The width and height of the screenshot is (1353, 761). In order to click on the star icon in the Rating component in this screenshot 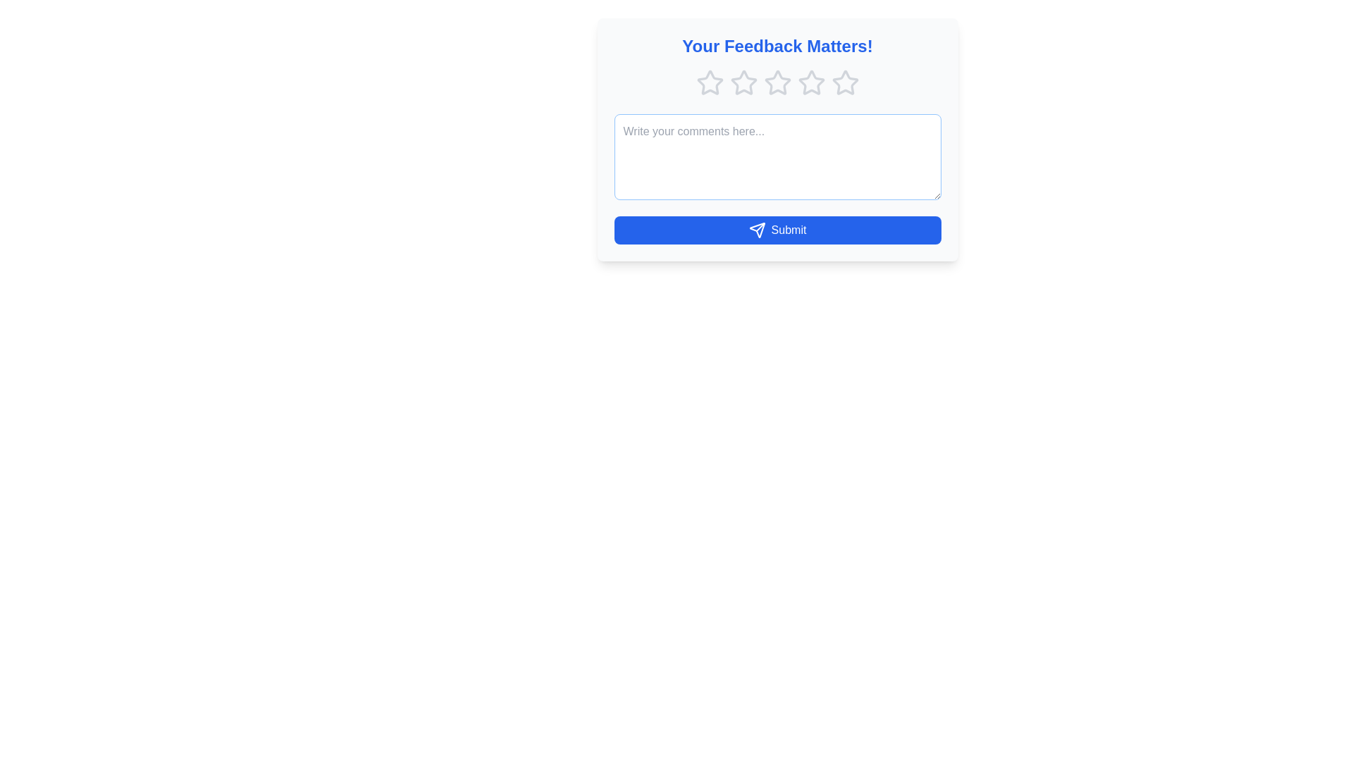, I will do `click(777, 83)`.